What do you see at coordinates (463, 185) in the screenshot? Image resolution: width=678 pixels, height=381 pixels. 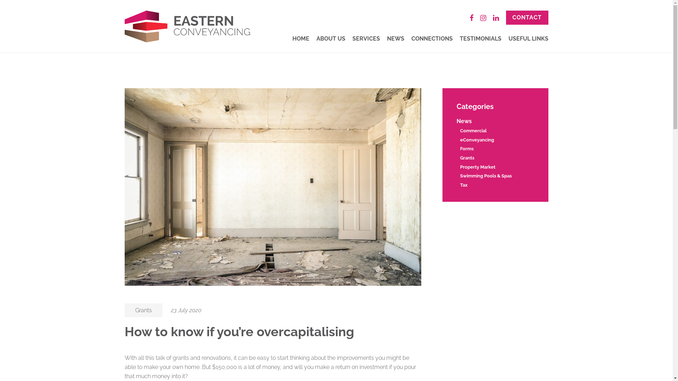 I see `'Tax'` at bounding box center [463, 185].